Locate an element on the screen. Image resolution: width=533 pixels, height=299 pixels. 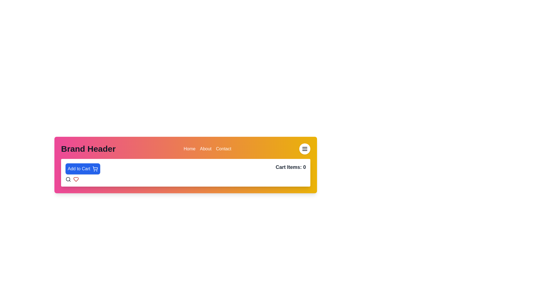
the Text Label displaying the current number of items in the shopping cart, which is right-aligned in the header and positioned next to the 'Add to Cart' button is located at coordinates (290, 168).